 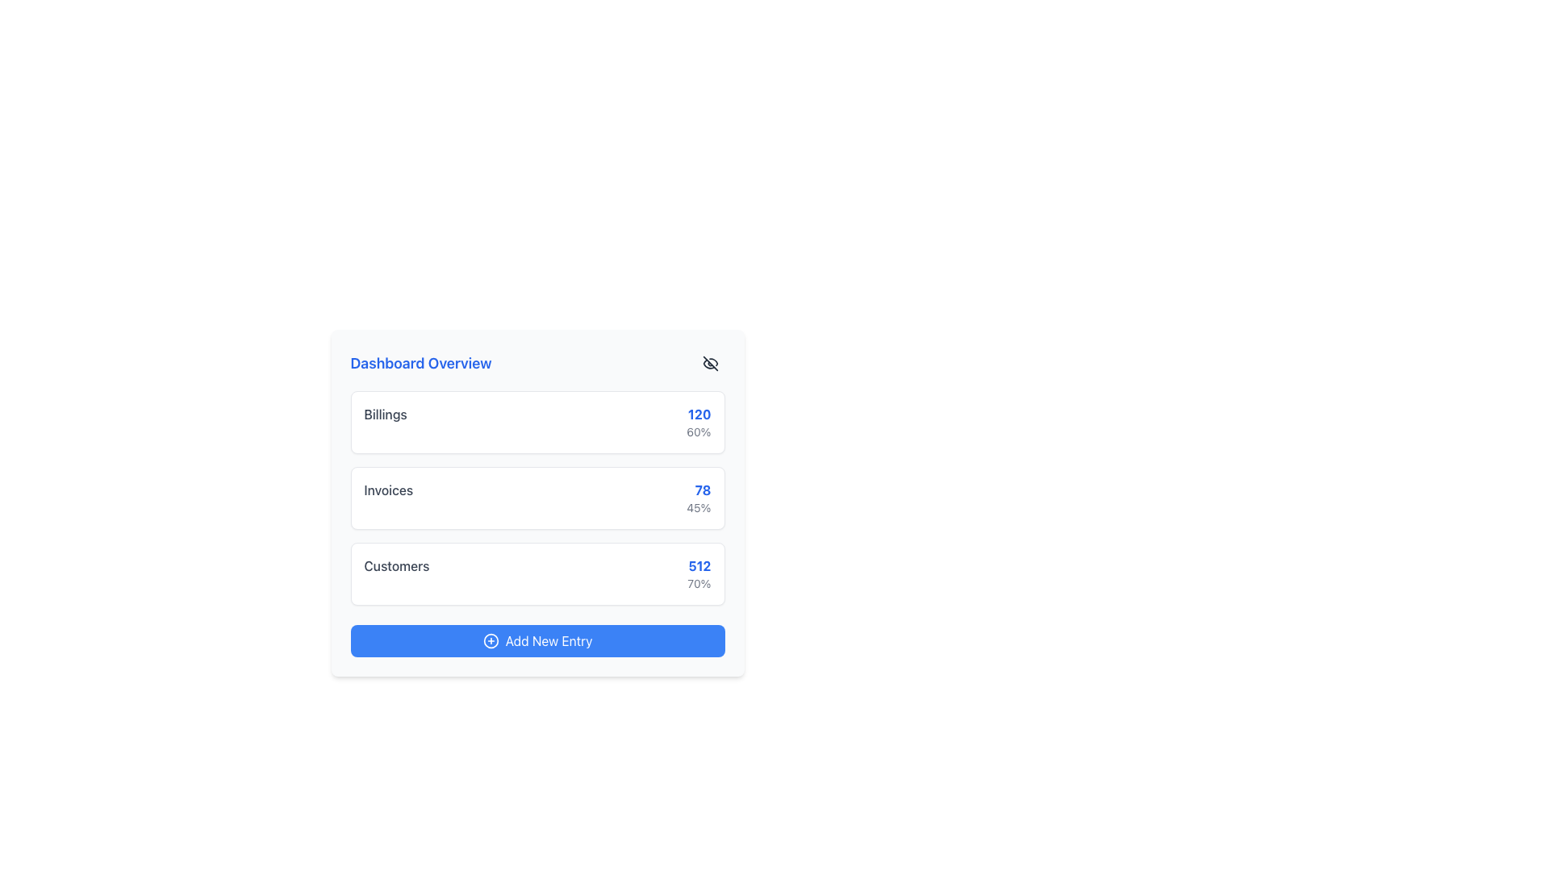 I want to click on the 'Invoices' summary statistics card, which has a white background, rounded corners, and displays the numeric value '78' in bold blue font, so click(x=537, y=497).